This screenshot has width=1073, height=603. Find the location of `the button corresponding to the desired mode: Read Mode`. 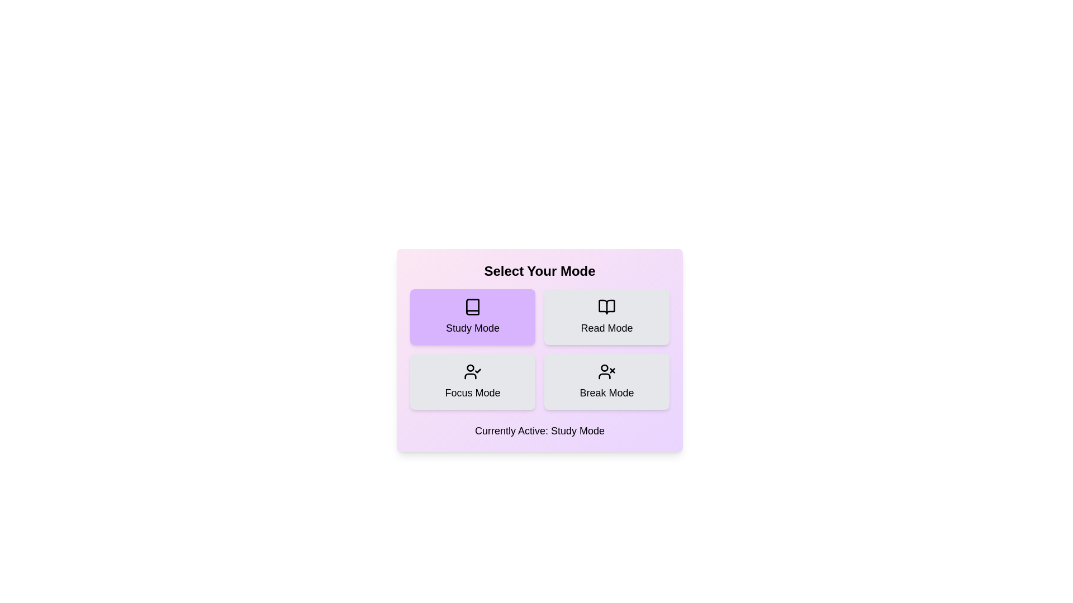

the button corresponding to the desired mode: Read Mode is located at coordinates (606, 317).